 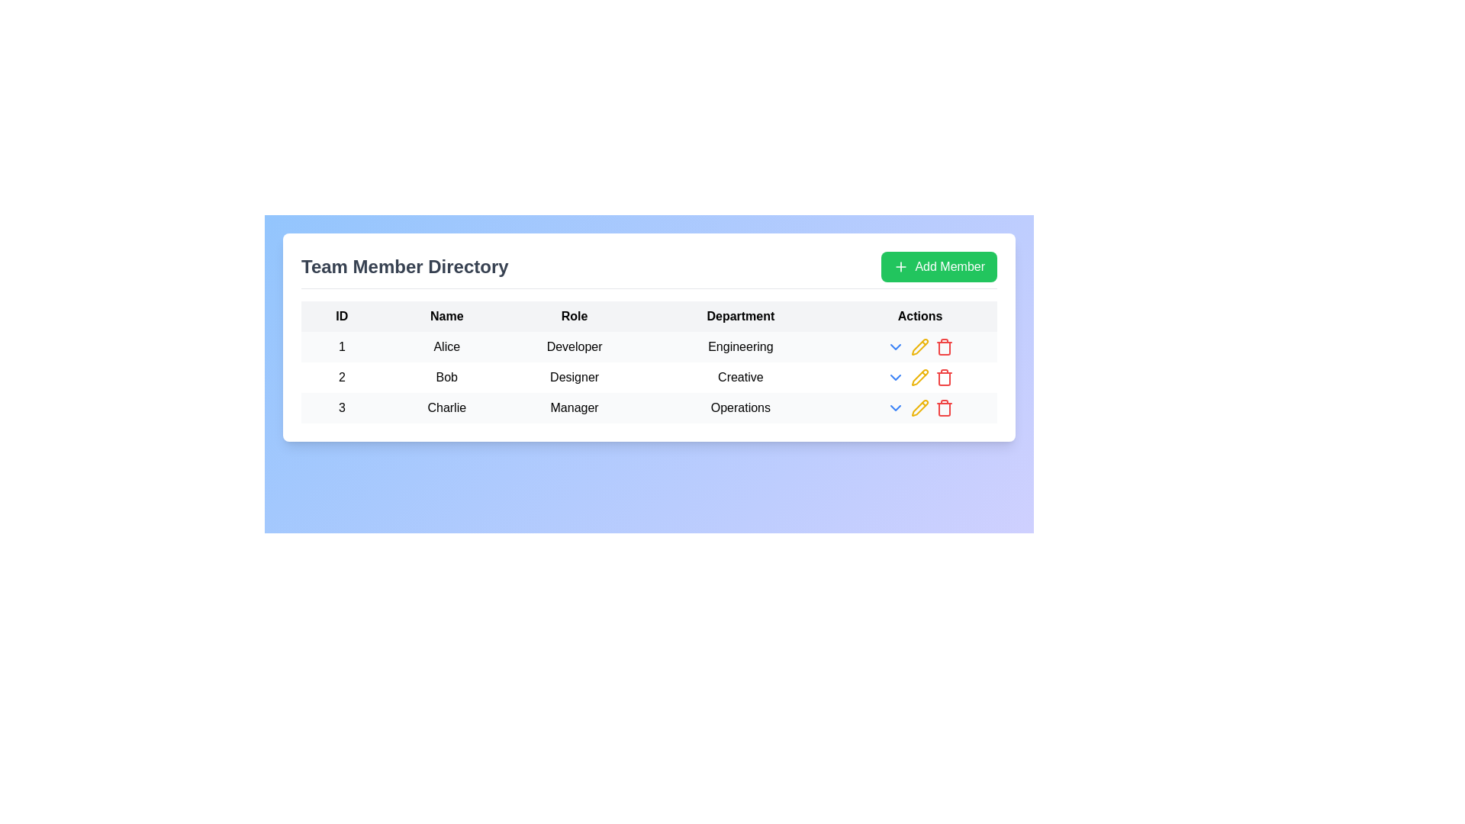 What do you see at coordinates (446, 377) in the screenshot?
I see `the second entry in the 'Name' column of the team members table, which displays the name of a user, located between 'Alice' and 'Charlie'` at bounding box center [446, 377].